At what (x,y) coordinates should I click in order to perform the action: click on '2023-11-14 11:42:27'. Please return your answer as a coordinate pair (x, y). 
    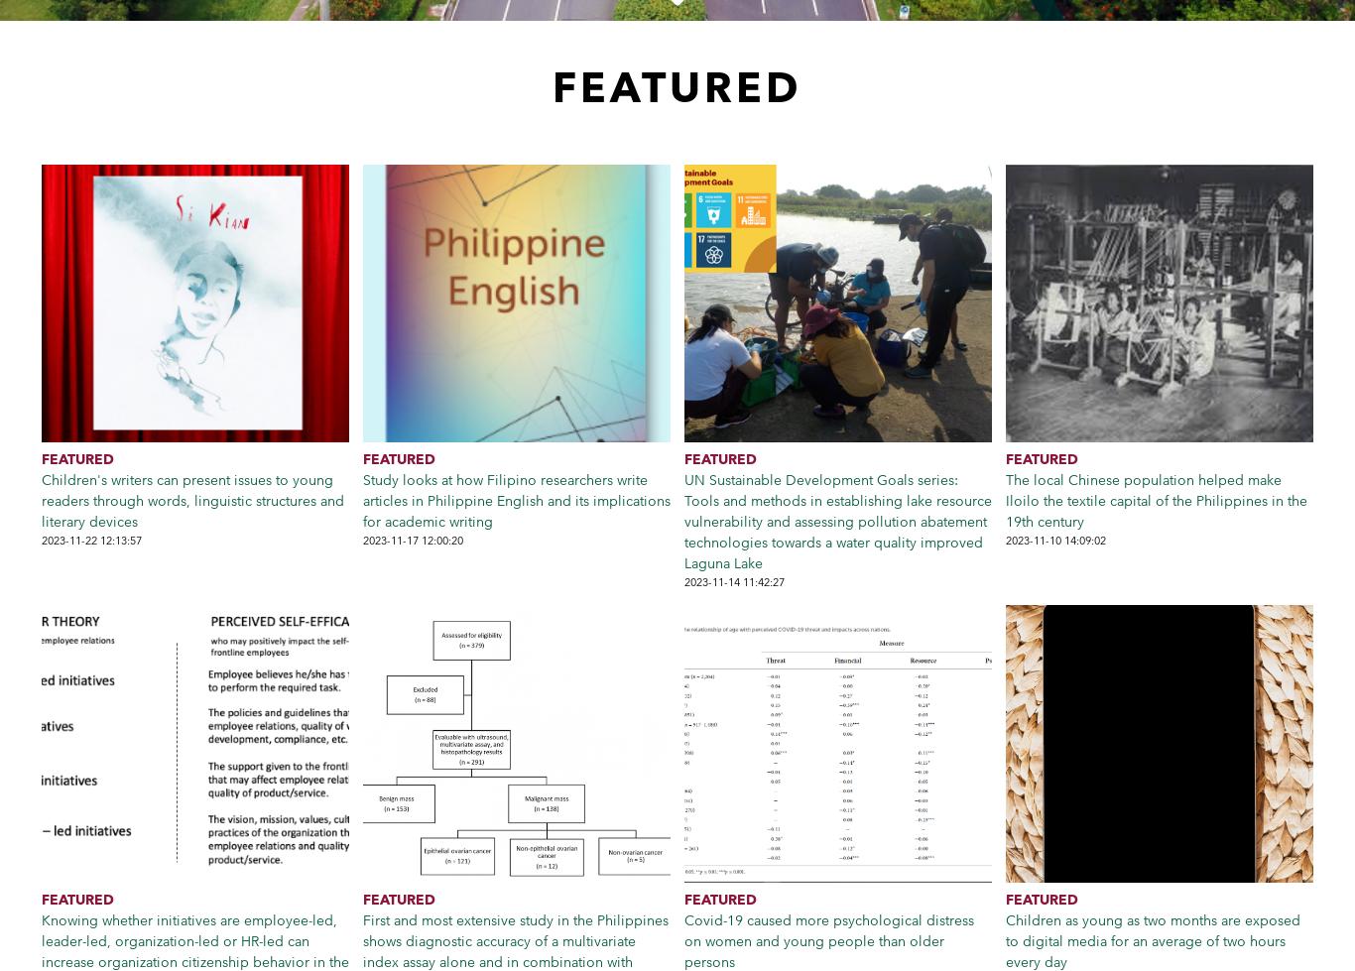
    Looking at the image, I should click on (734, 581).